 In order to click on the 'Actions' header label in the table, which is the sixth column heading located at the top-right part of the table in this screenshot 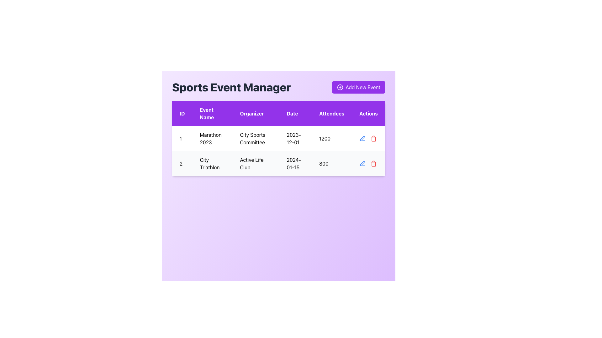, I will do `click(368, 113)`.